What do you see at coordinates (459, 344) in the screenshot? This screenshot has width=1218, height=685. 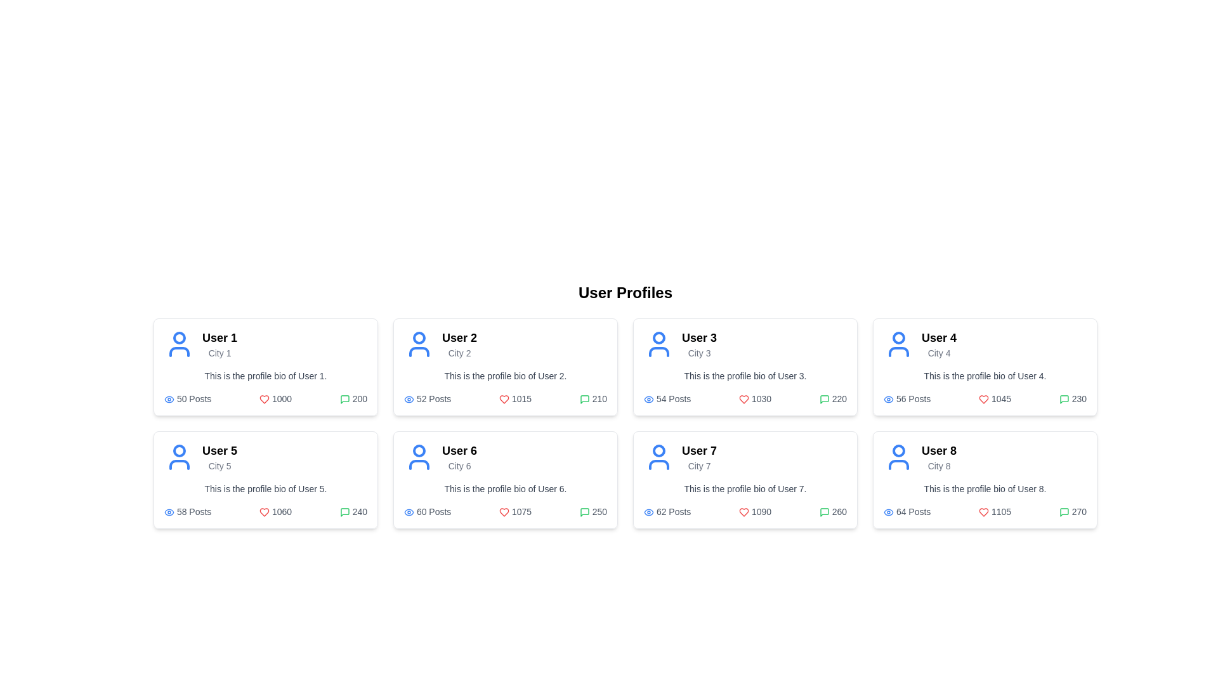 I see `the user identifier text displaying the user name and associated city` at bounding box center [459, 344].